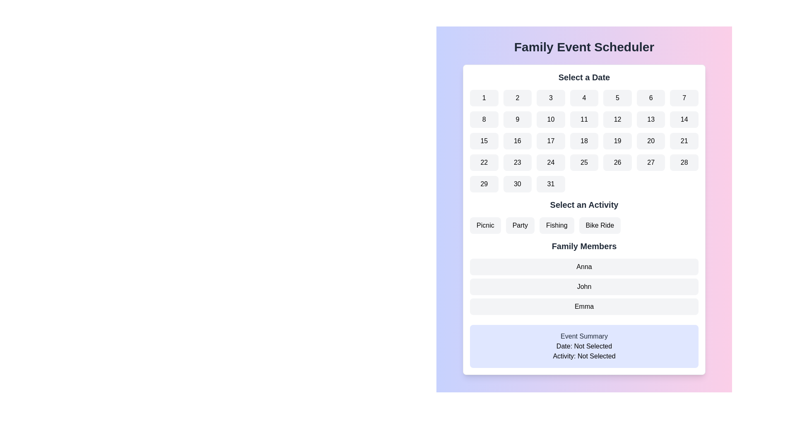 The width and height of the screenshot is (795, 447). What do you see at coordinates (584, 267) in the screenshot?
I see `the button representing the family member 'Anna', which is the first button in the vertical list below the 'Family Members' heading` at bounding box center [584, 267].